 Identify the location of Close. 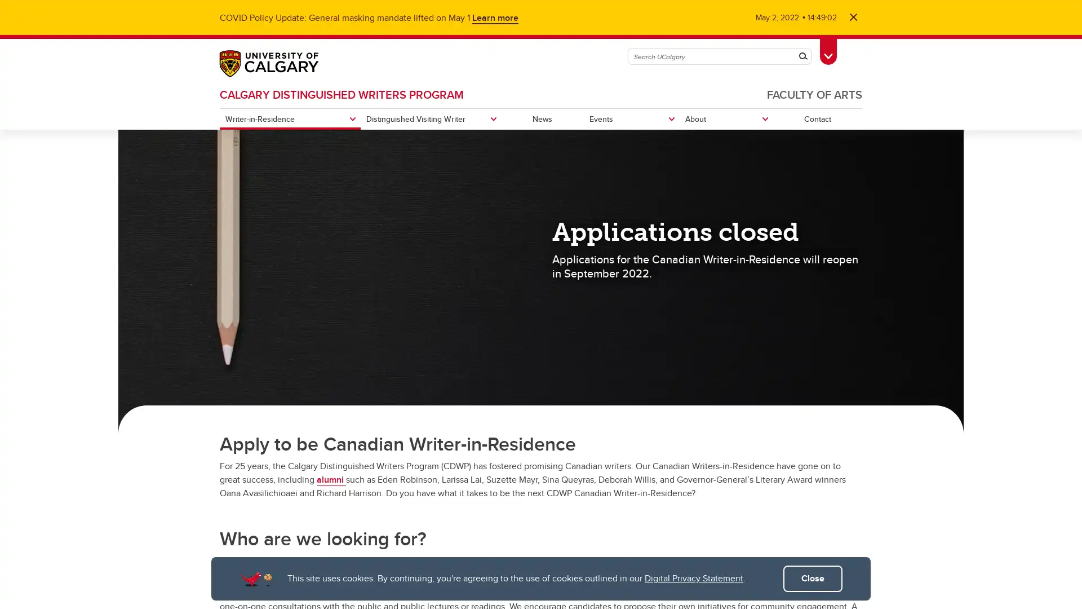
(813, 579).